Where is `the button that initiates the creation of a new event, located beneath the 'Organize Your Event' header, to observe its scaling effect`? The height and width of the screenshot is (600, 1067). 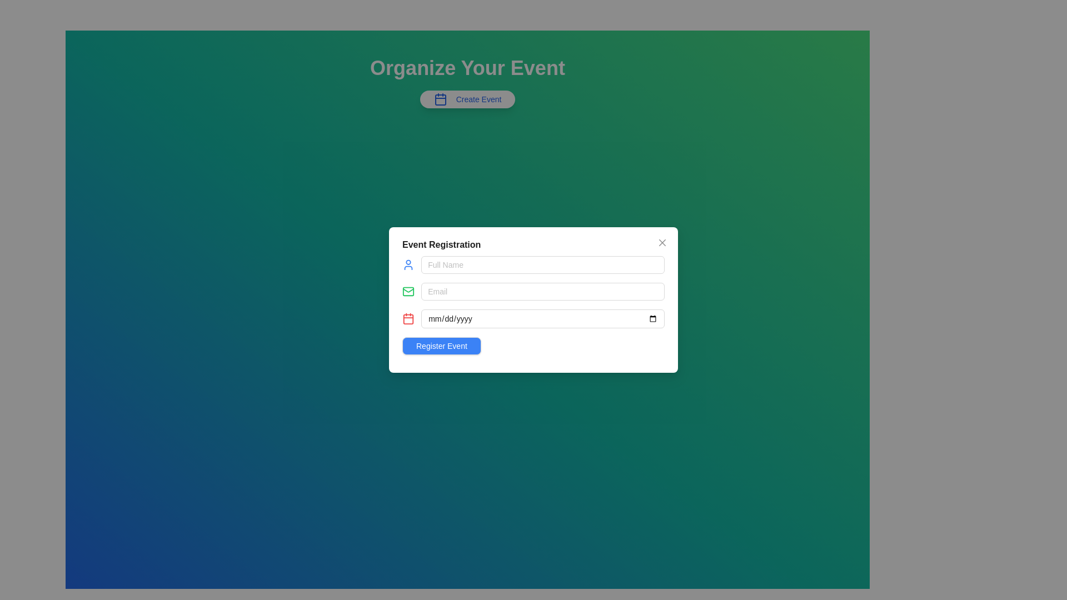 the button that initiates the creation of a new event, located beneath the 'Organize Your Event' header, to observe its scaling effect is located at coordinates (467, 98).